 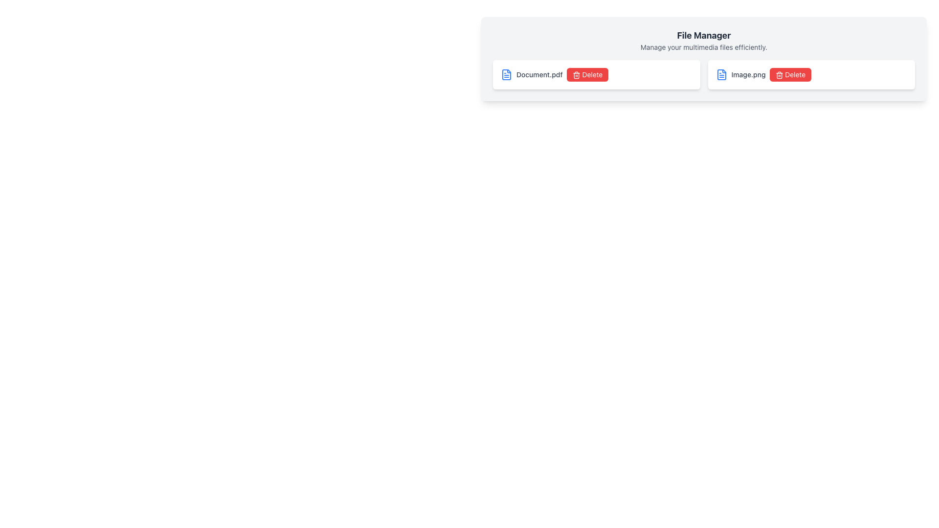 What do you see at coordinates (748, 74) in the screenshot?
I see `the label displaying the filename 'Image.png', which is styled in a small, medium-weight gray font and positioned to the right of a blue document icon within a white rounded rectangular card` at bounding box center [748, 74].